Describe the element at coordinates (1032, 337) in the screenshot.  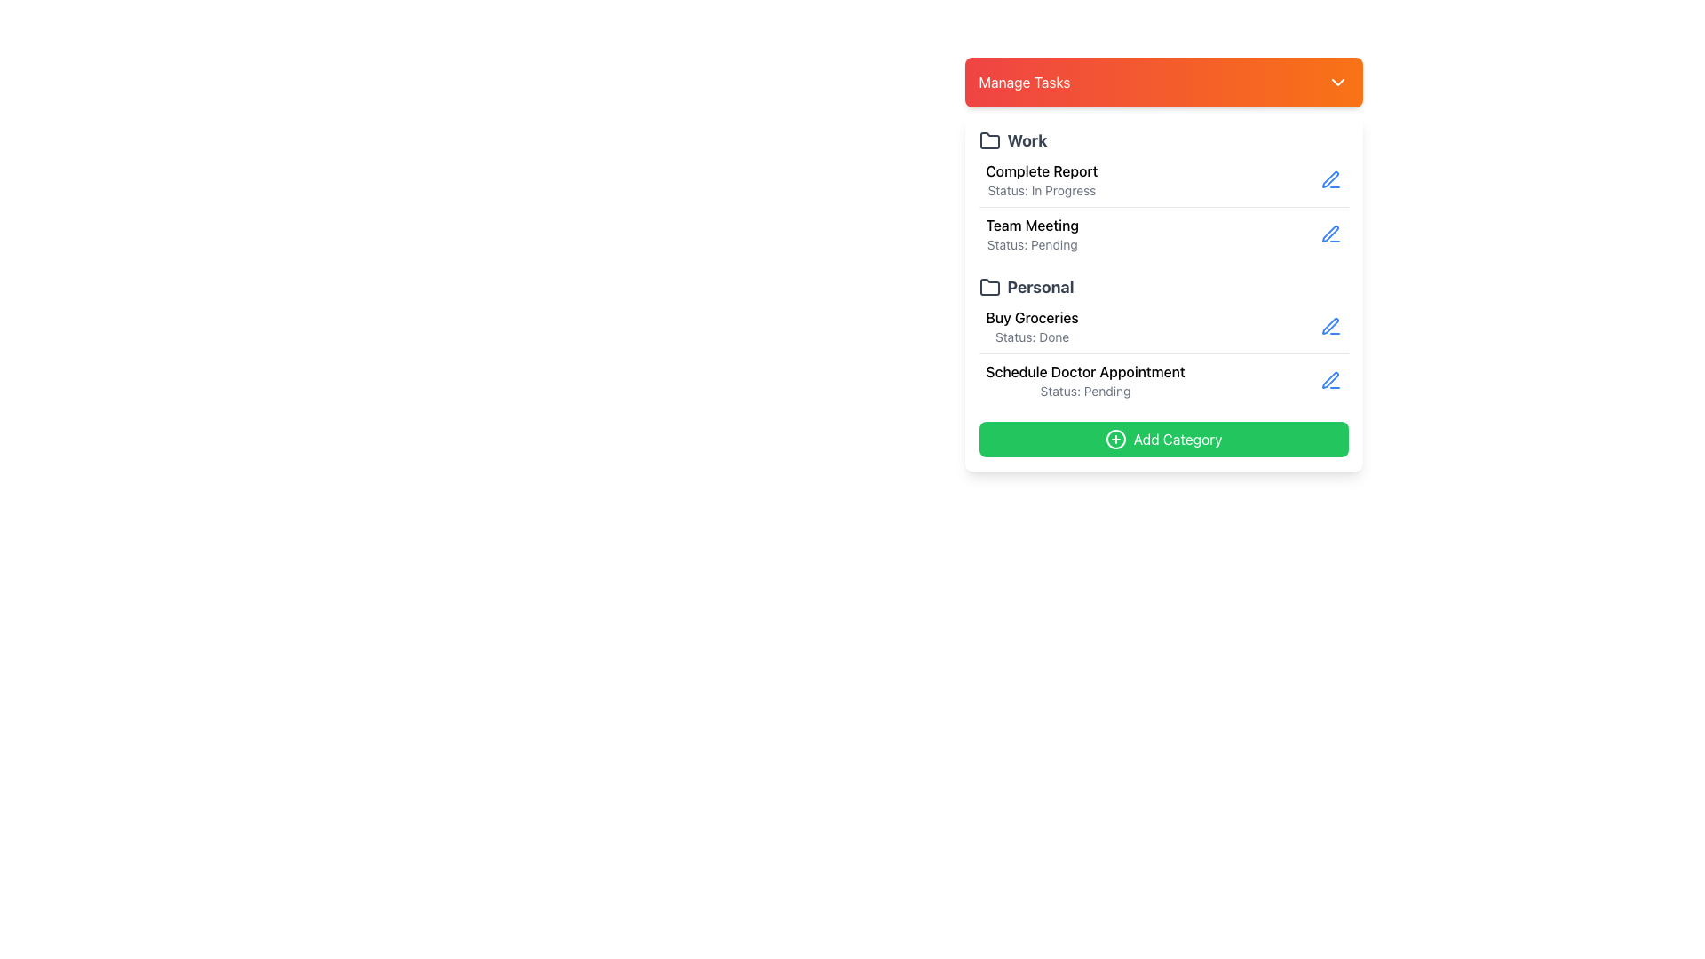
I see `the text label displaying 'Status: Done', which is positioned below the bold text 'Buy Groceries' within the 'Personal' section` at that location.